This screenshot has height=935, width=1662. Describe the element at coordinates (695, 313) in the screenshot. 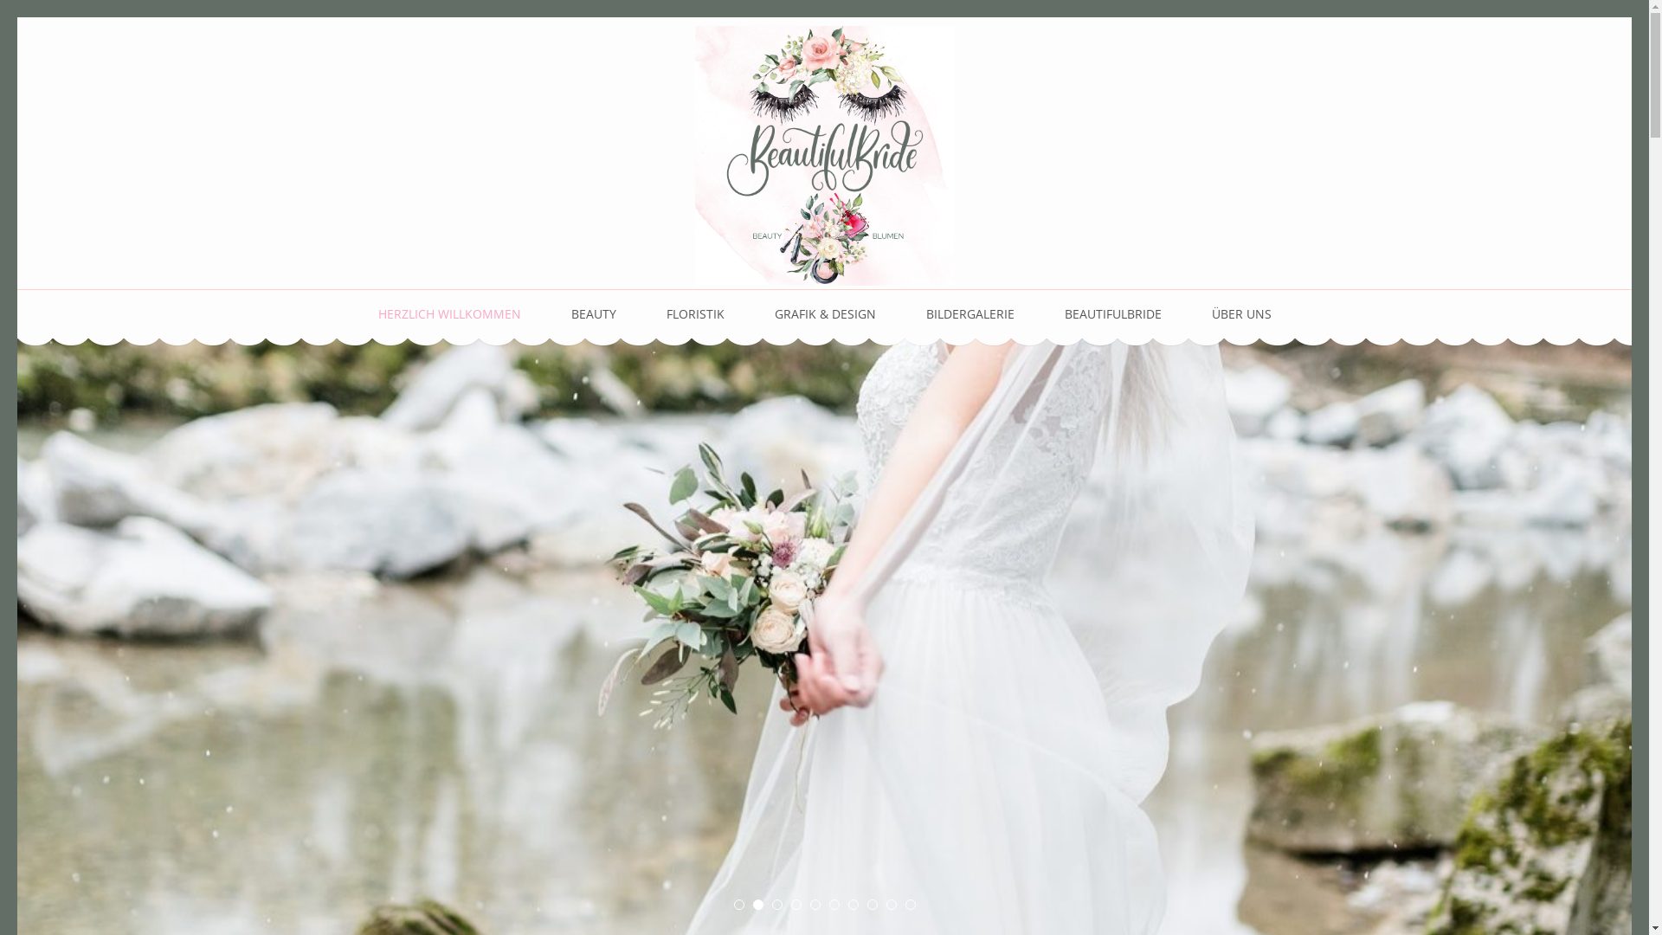

I see `'FLORISTIK'` at that location.